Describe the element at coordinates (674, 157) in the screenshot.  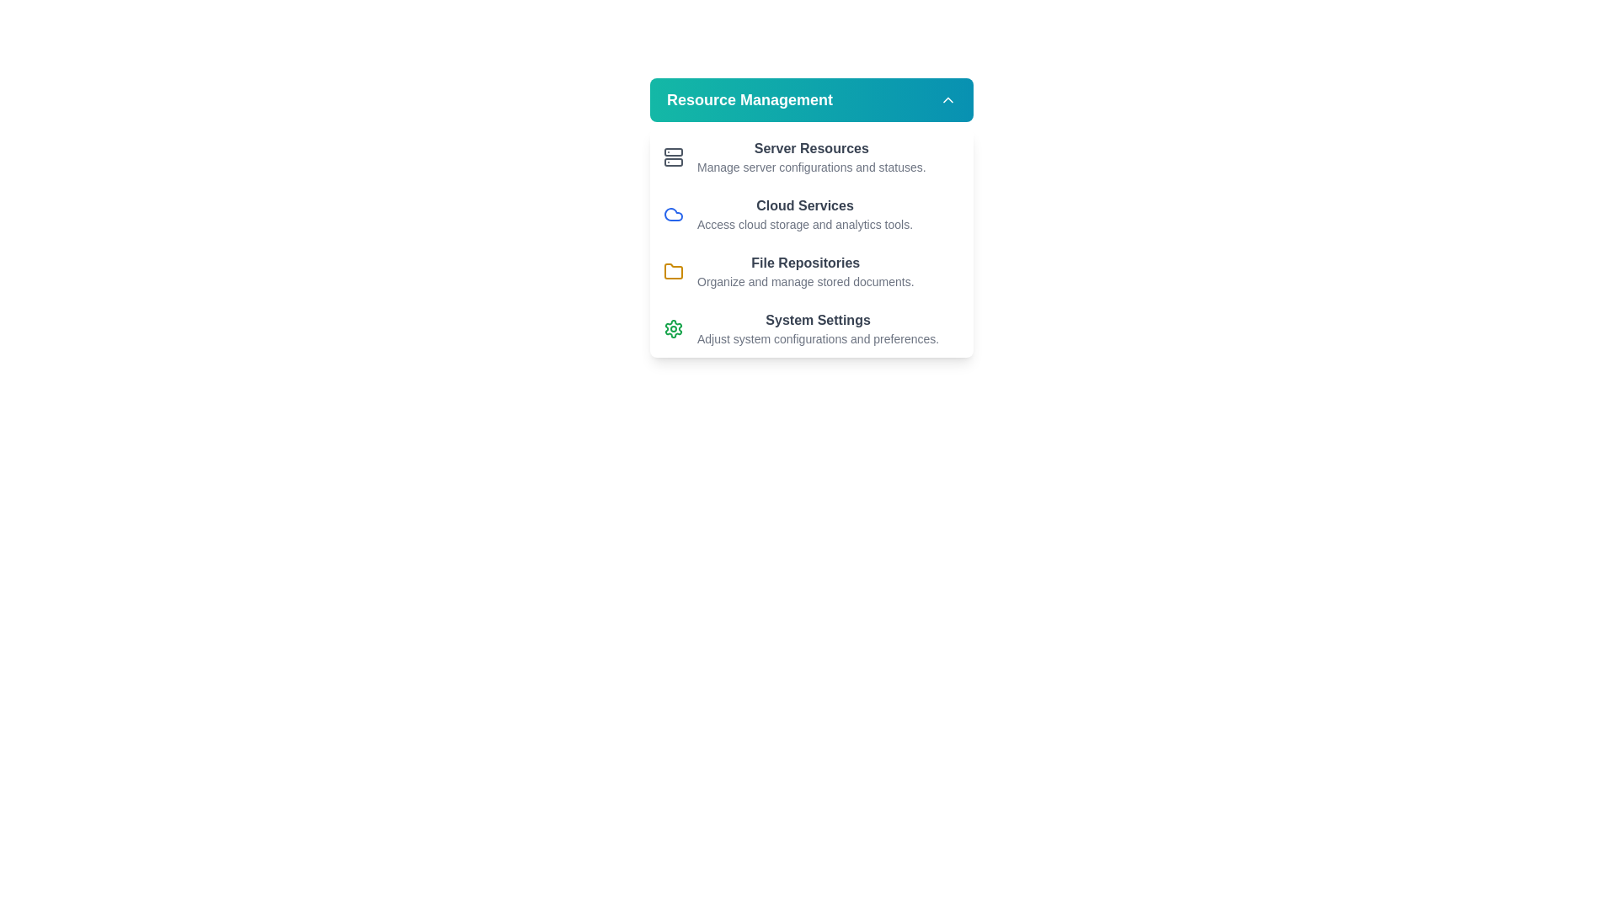
I see `the visual indicator icon for the 'Server Resources' menu option located in the 'Resource Management' panel` at that location.